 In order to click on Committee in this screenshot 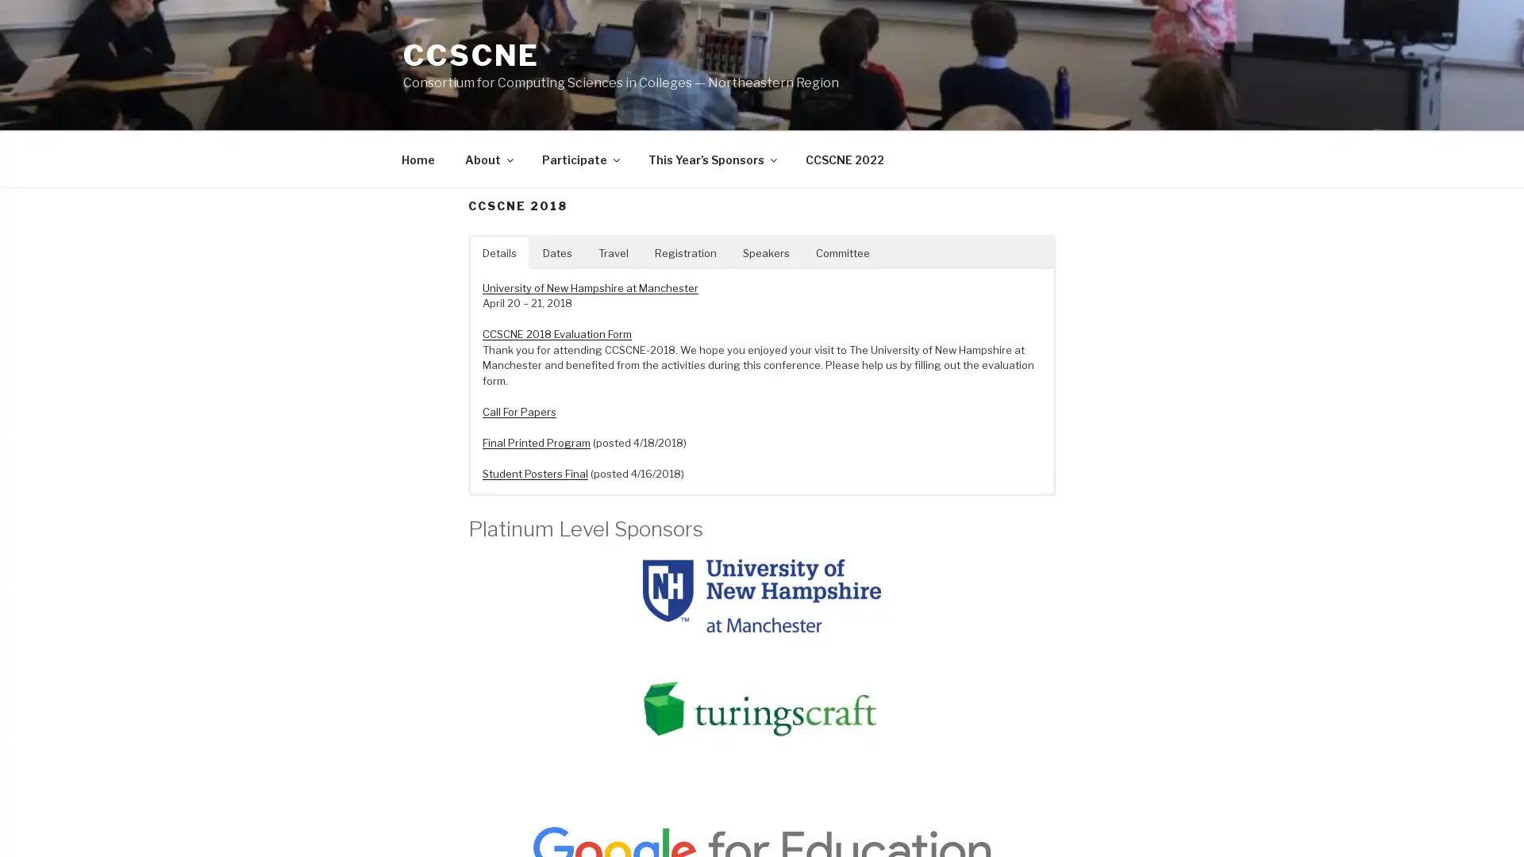, I will do `click(841, 251)`.